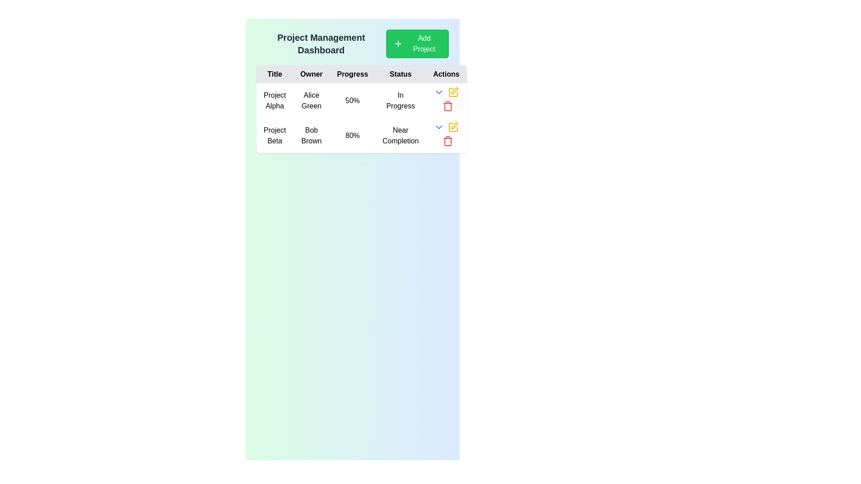 The image size is (861, 484). Describe the element at coordinates (446, 73) in the screenshot. I see `the header text label that indicates the actions column in the management dashboard table, positioned at the rightmost end of the row of headers` at that location.